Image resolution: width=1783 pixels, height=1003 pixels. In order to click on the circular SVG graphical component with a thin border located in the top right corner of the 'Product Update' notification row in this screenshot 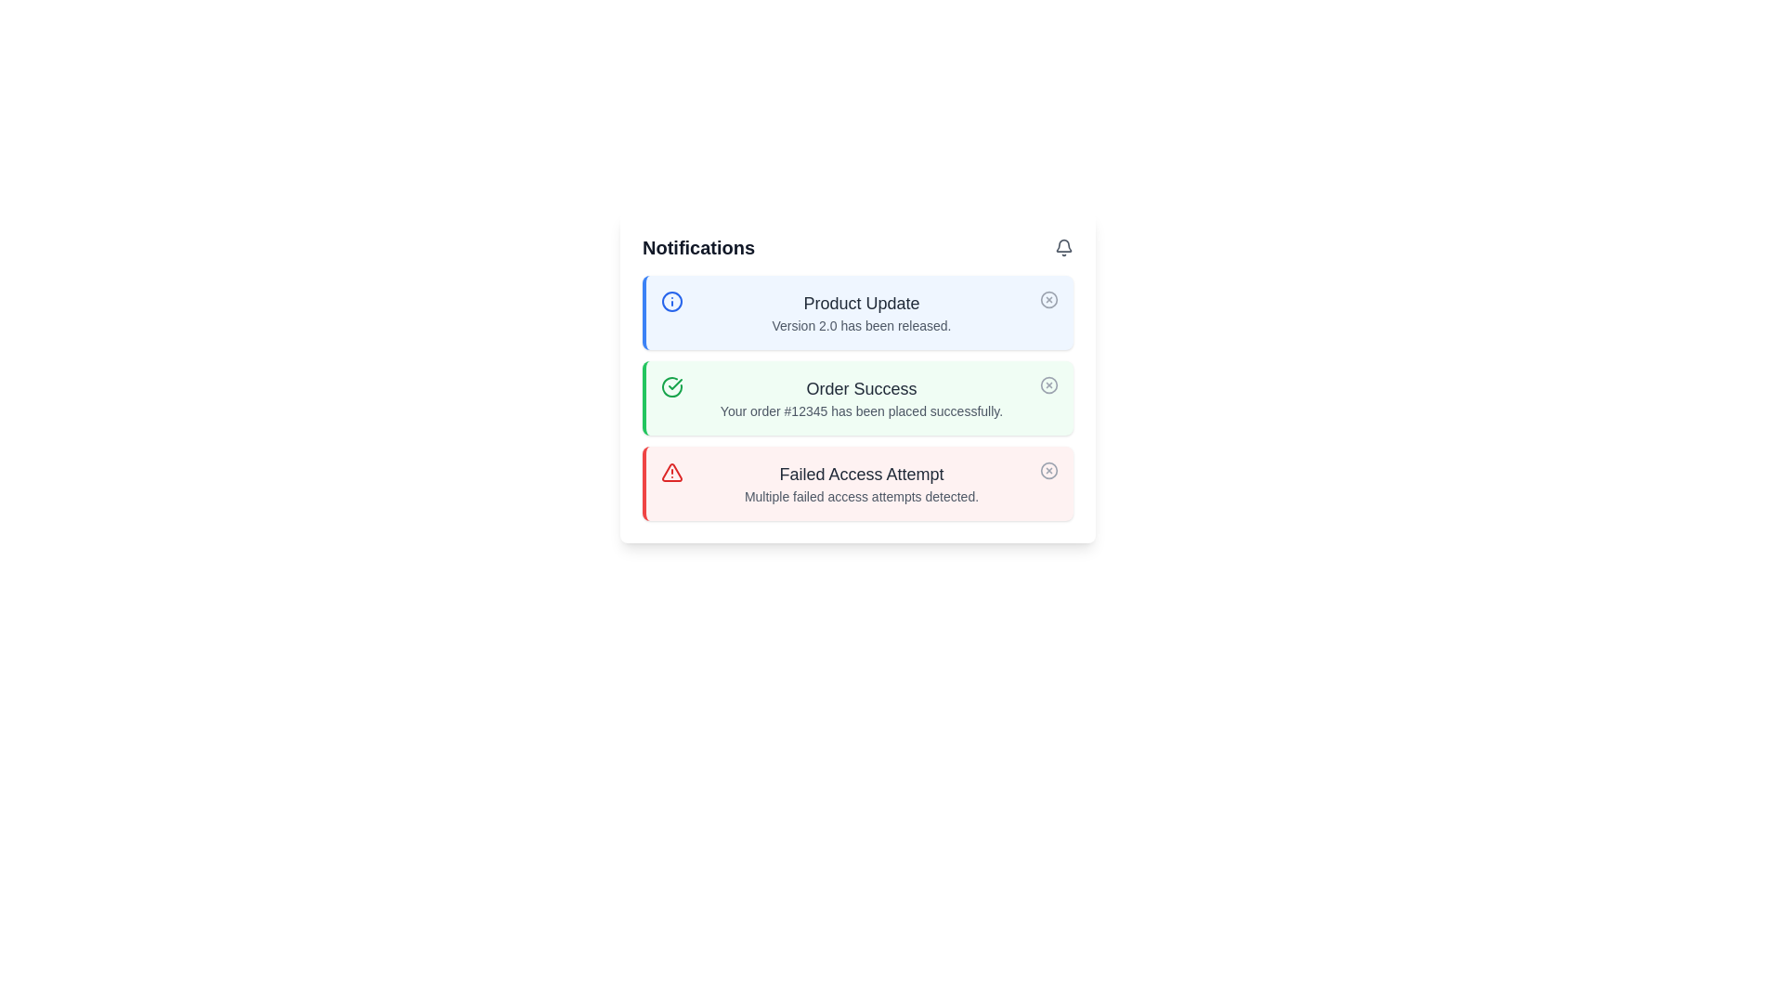, I will do `click(1048, 299)`.